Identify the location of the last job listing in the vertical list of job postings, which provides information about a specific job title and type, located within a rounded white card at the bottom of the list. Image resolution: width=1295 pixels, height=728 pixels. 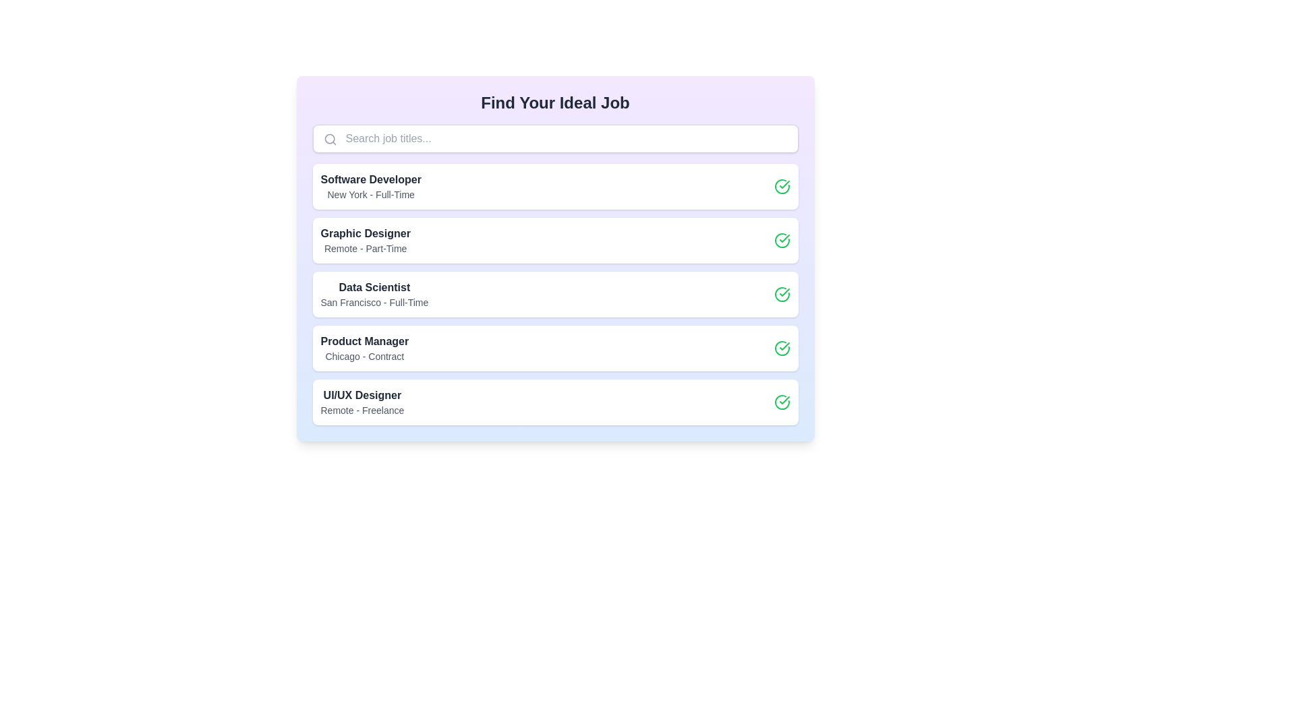
(362, 402).